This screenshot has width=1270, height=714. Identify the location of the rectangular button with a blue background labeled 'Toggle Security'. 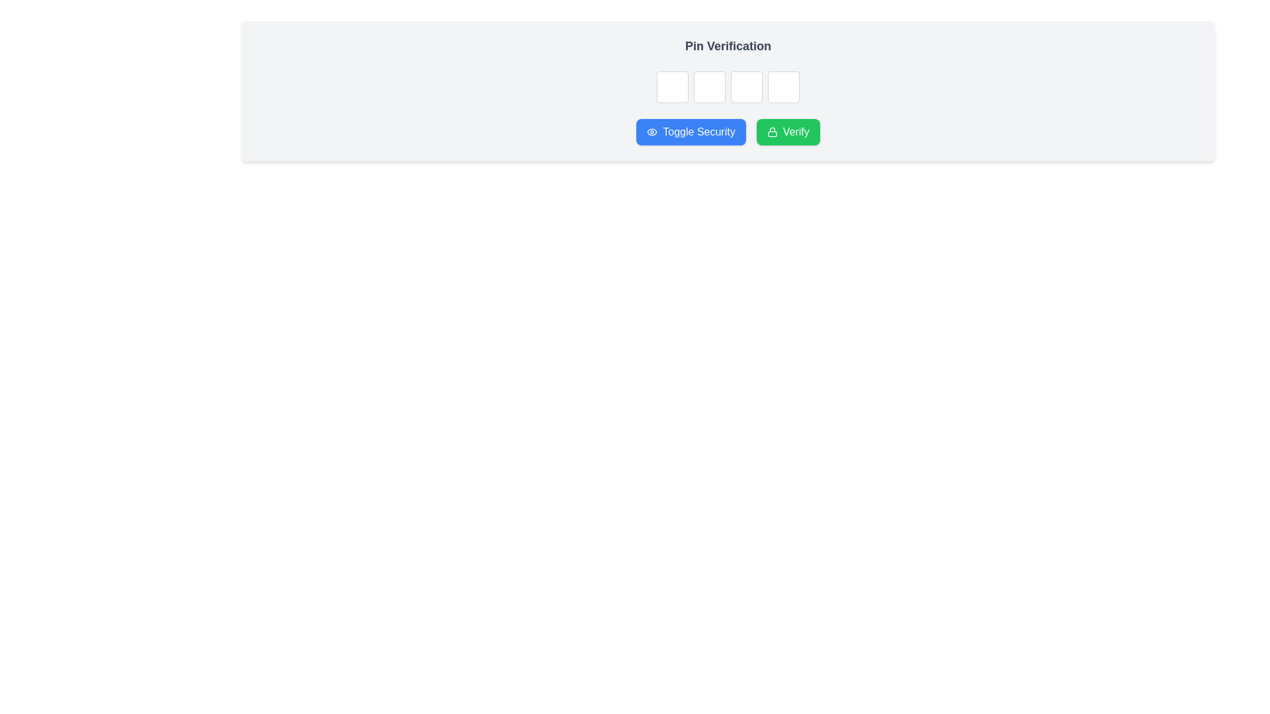
(691, 132).